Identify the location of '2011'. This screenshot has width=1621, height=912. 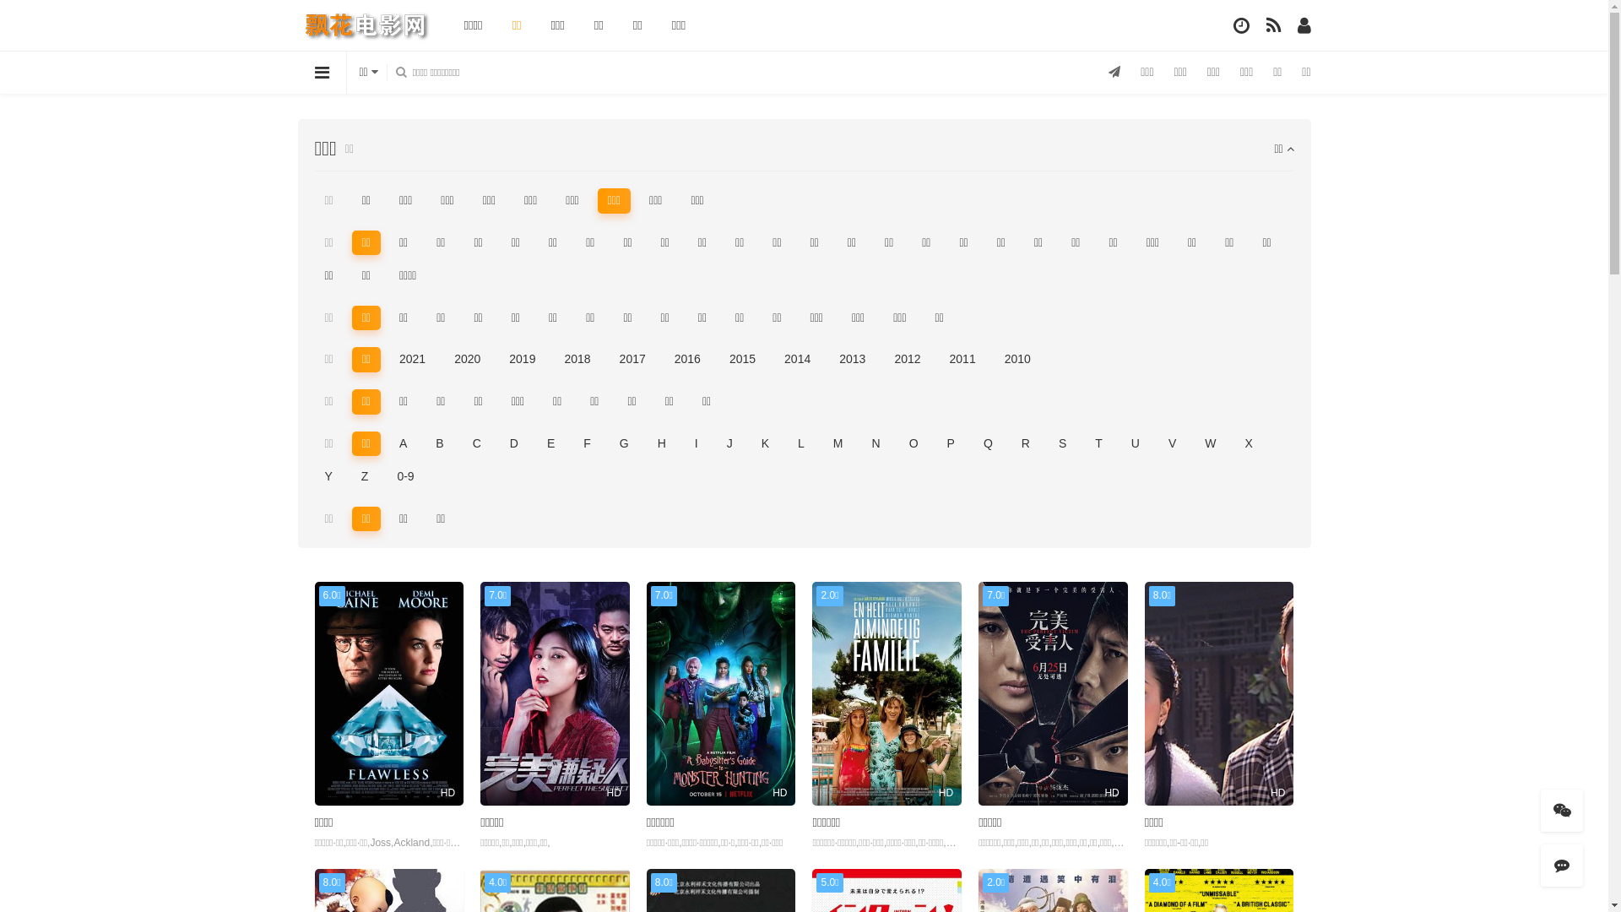
(939, 358).